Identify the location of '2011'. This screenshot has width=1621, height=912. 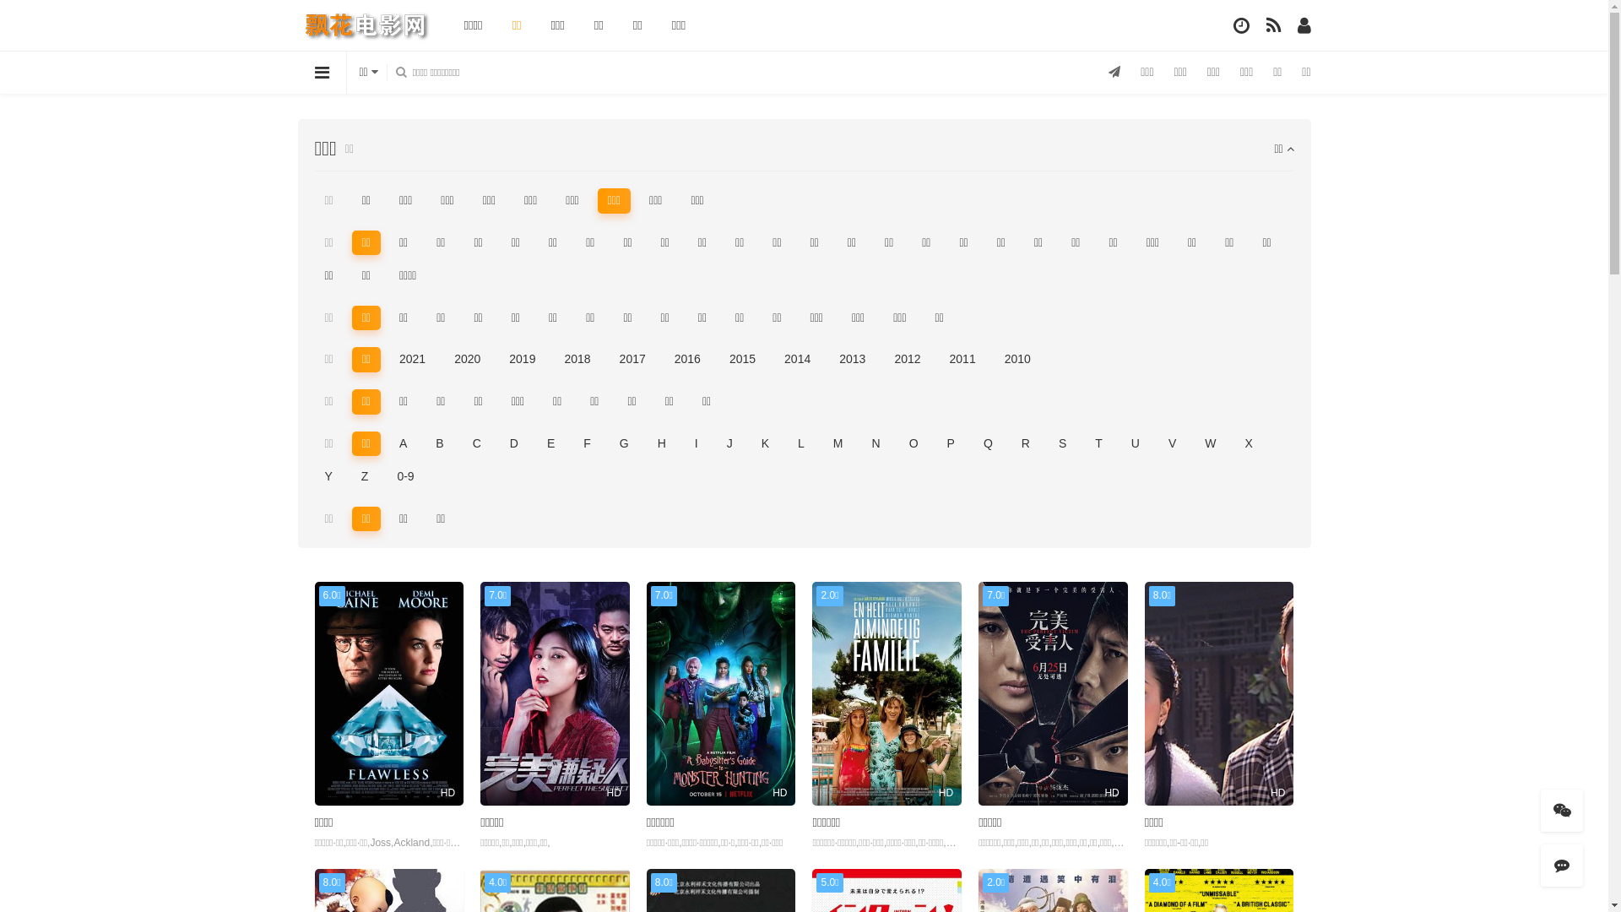
(939, 358).